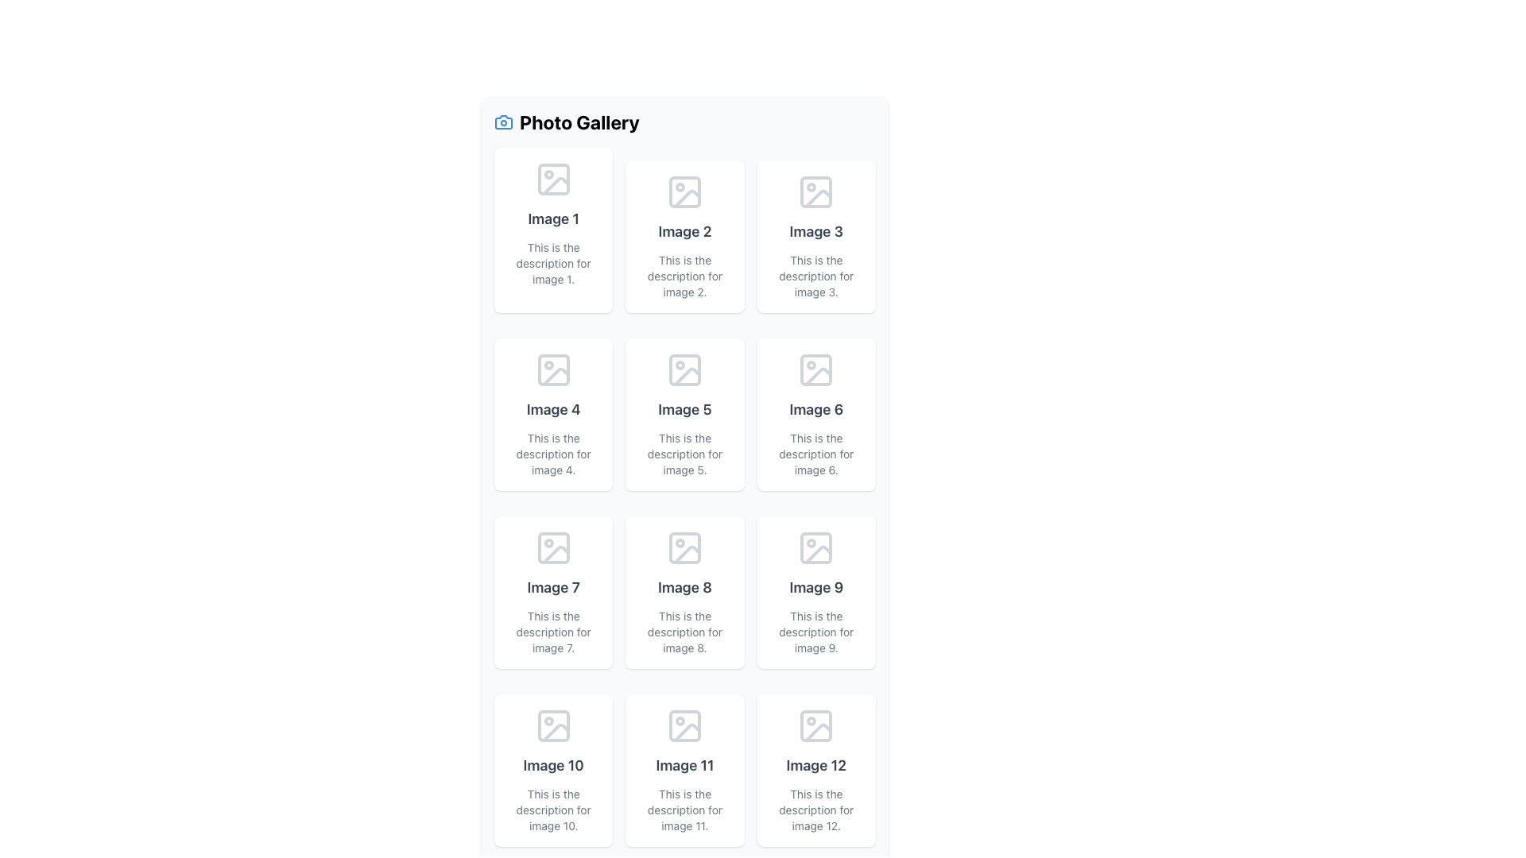 The height and width of the screenshot is (858, 1526). Describe the element at coordinates (502, 122) in the screenshot. I see `the photo gallery icon located at the top-left corner of the layout, immediately to the left of the heading text 'Photo Gallery.'` at that location.